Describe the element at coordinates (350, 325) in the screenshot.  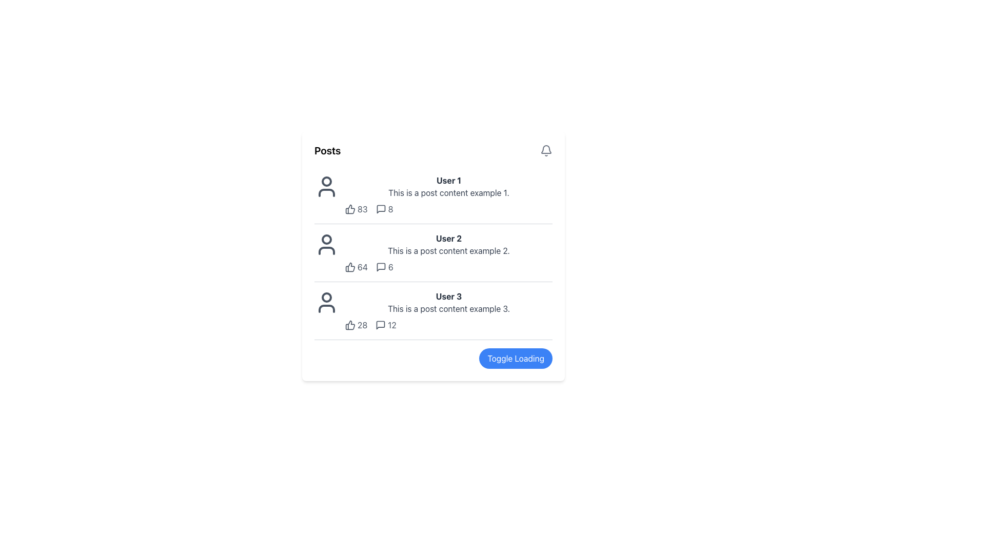
I see `the 'like' button next to the numeric likes count '28' for the post by 'User 3' to express approval` at that location.